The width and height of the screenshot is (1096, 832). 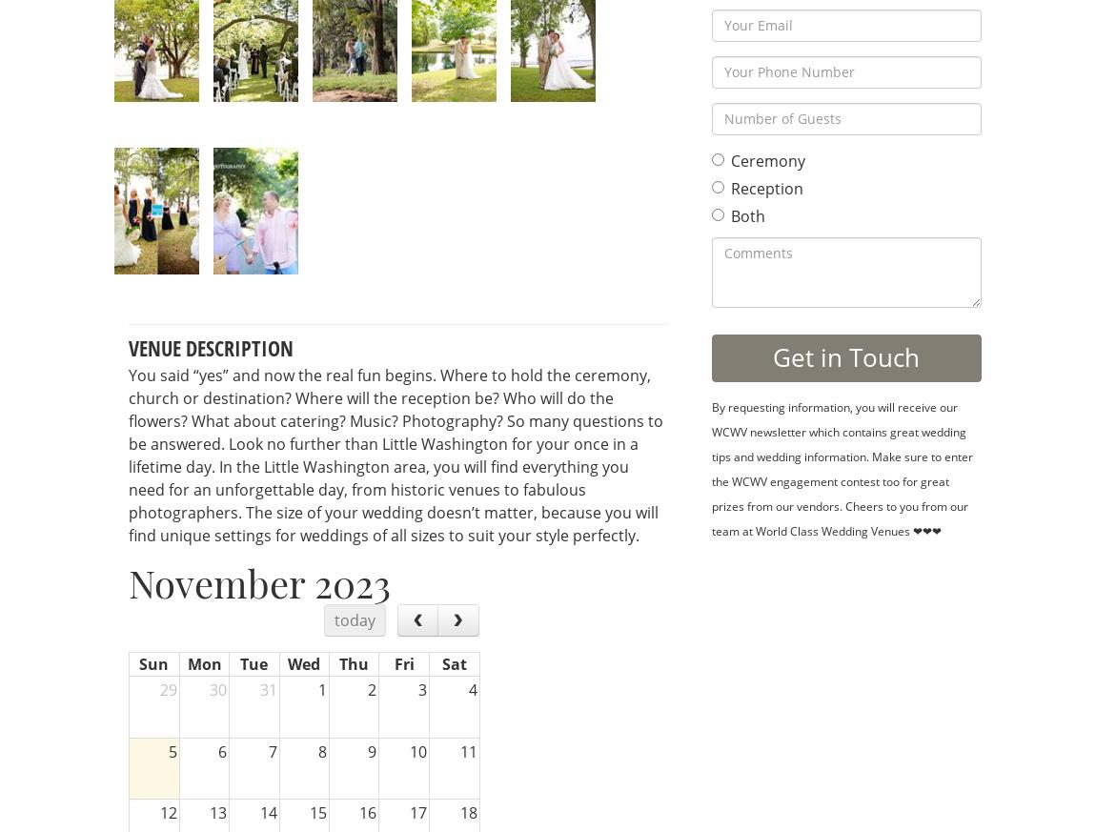 I want to click on 'Booking...', so click(x=781, y=552).